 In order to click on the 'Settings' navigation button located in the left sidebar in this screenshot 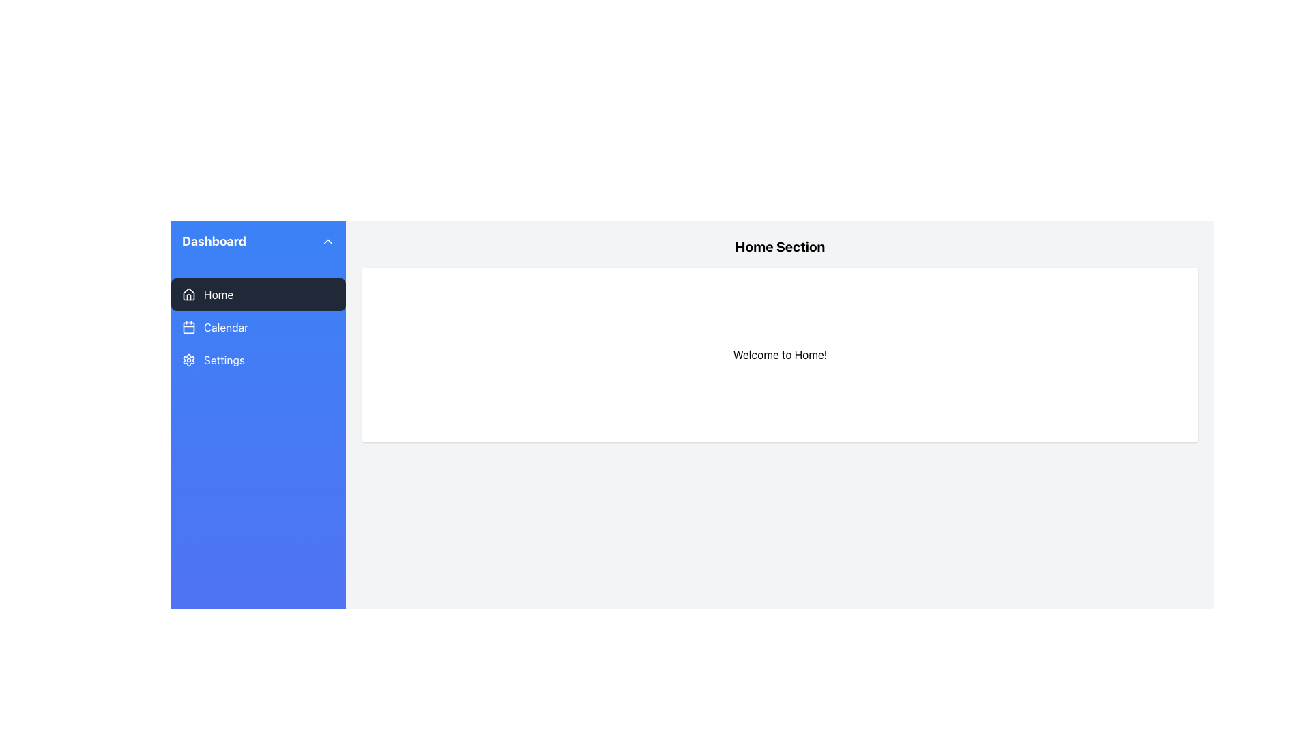, I will do `click(259, 360)`.